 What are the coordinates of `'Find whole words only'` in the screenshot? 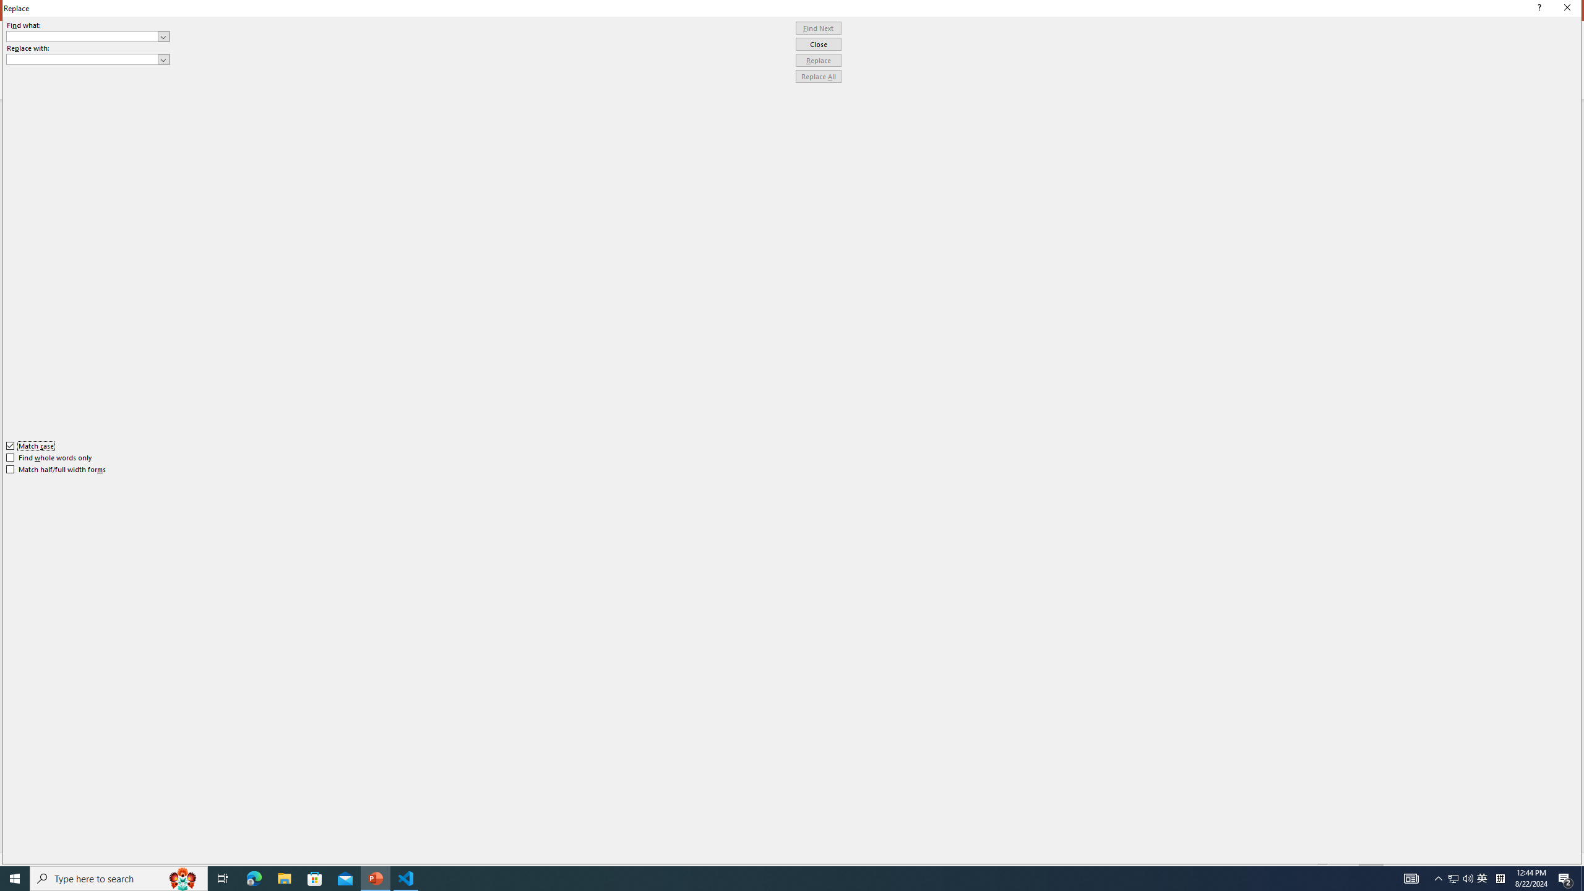 It's located at (49, 457).